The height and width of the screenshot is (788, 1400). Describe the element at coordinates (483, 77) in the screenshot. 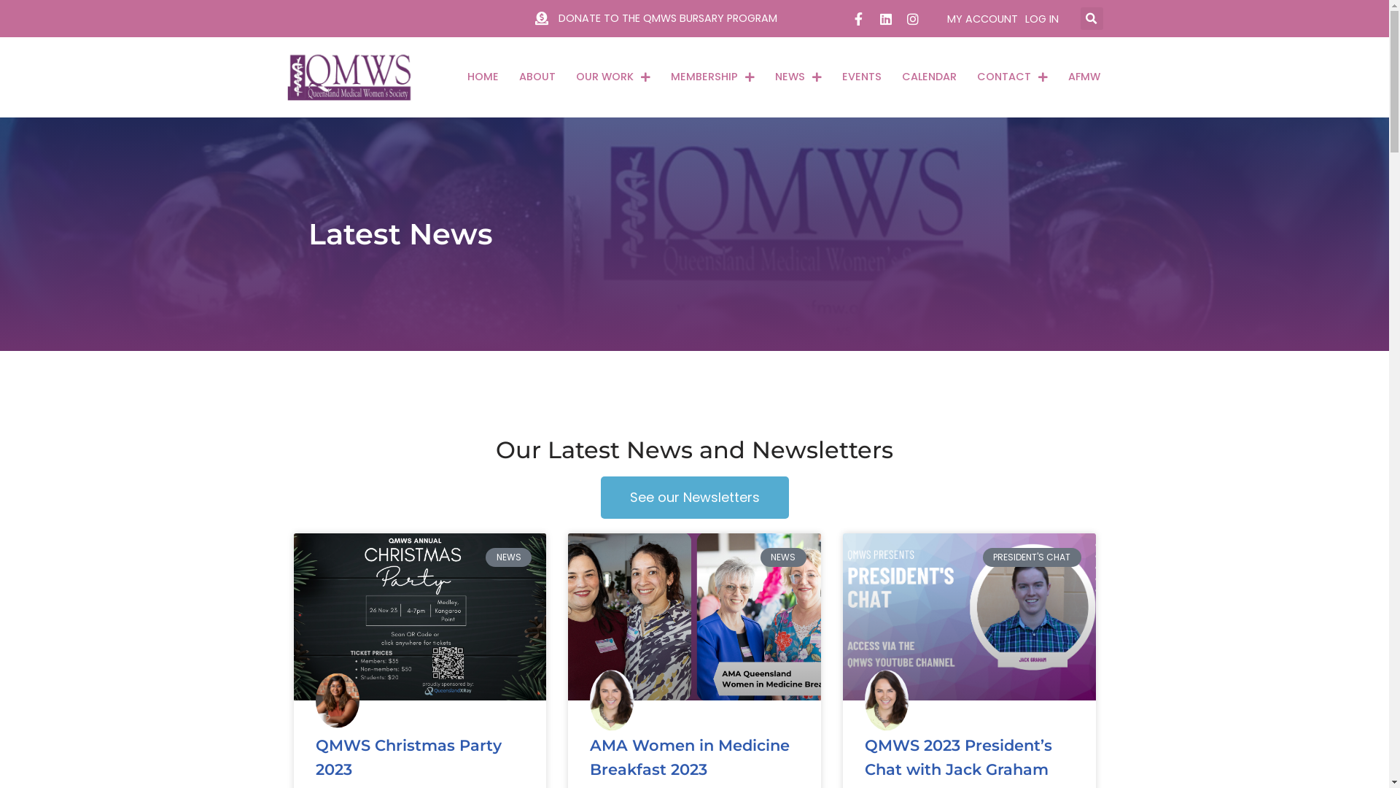

I see `'HOME'` at that location.